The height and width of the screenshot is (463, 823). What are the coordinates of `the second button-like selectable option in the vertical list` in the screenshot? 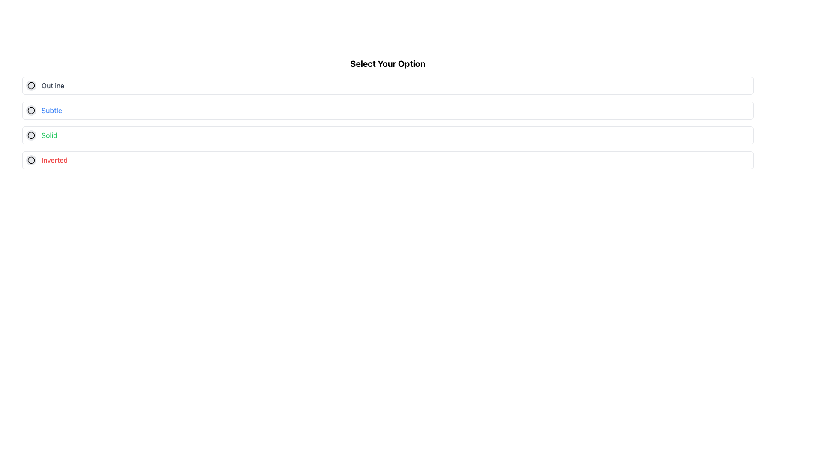 It's located at (387, 110).